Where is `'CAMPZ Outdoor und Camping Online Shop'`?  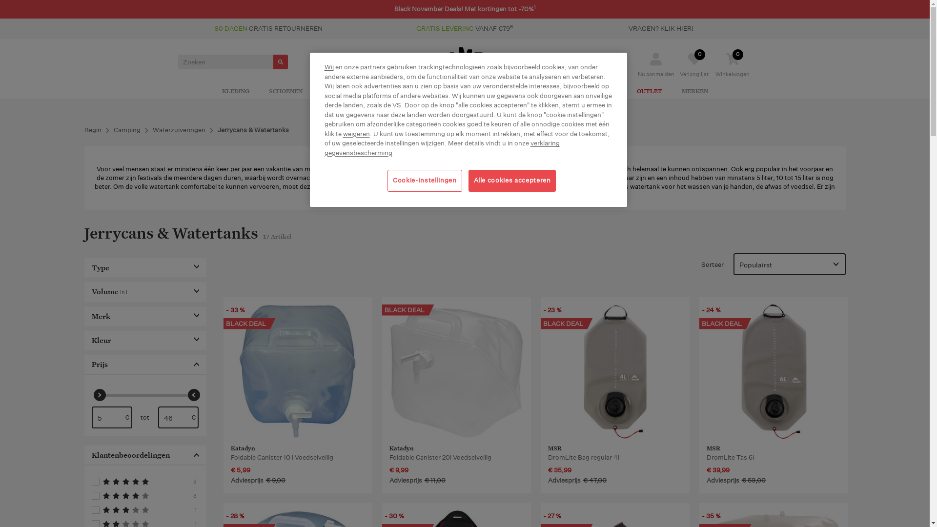
'CAMPZ Outdoor und Camping Online Shop' is located at coordinates (464, 62).